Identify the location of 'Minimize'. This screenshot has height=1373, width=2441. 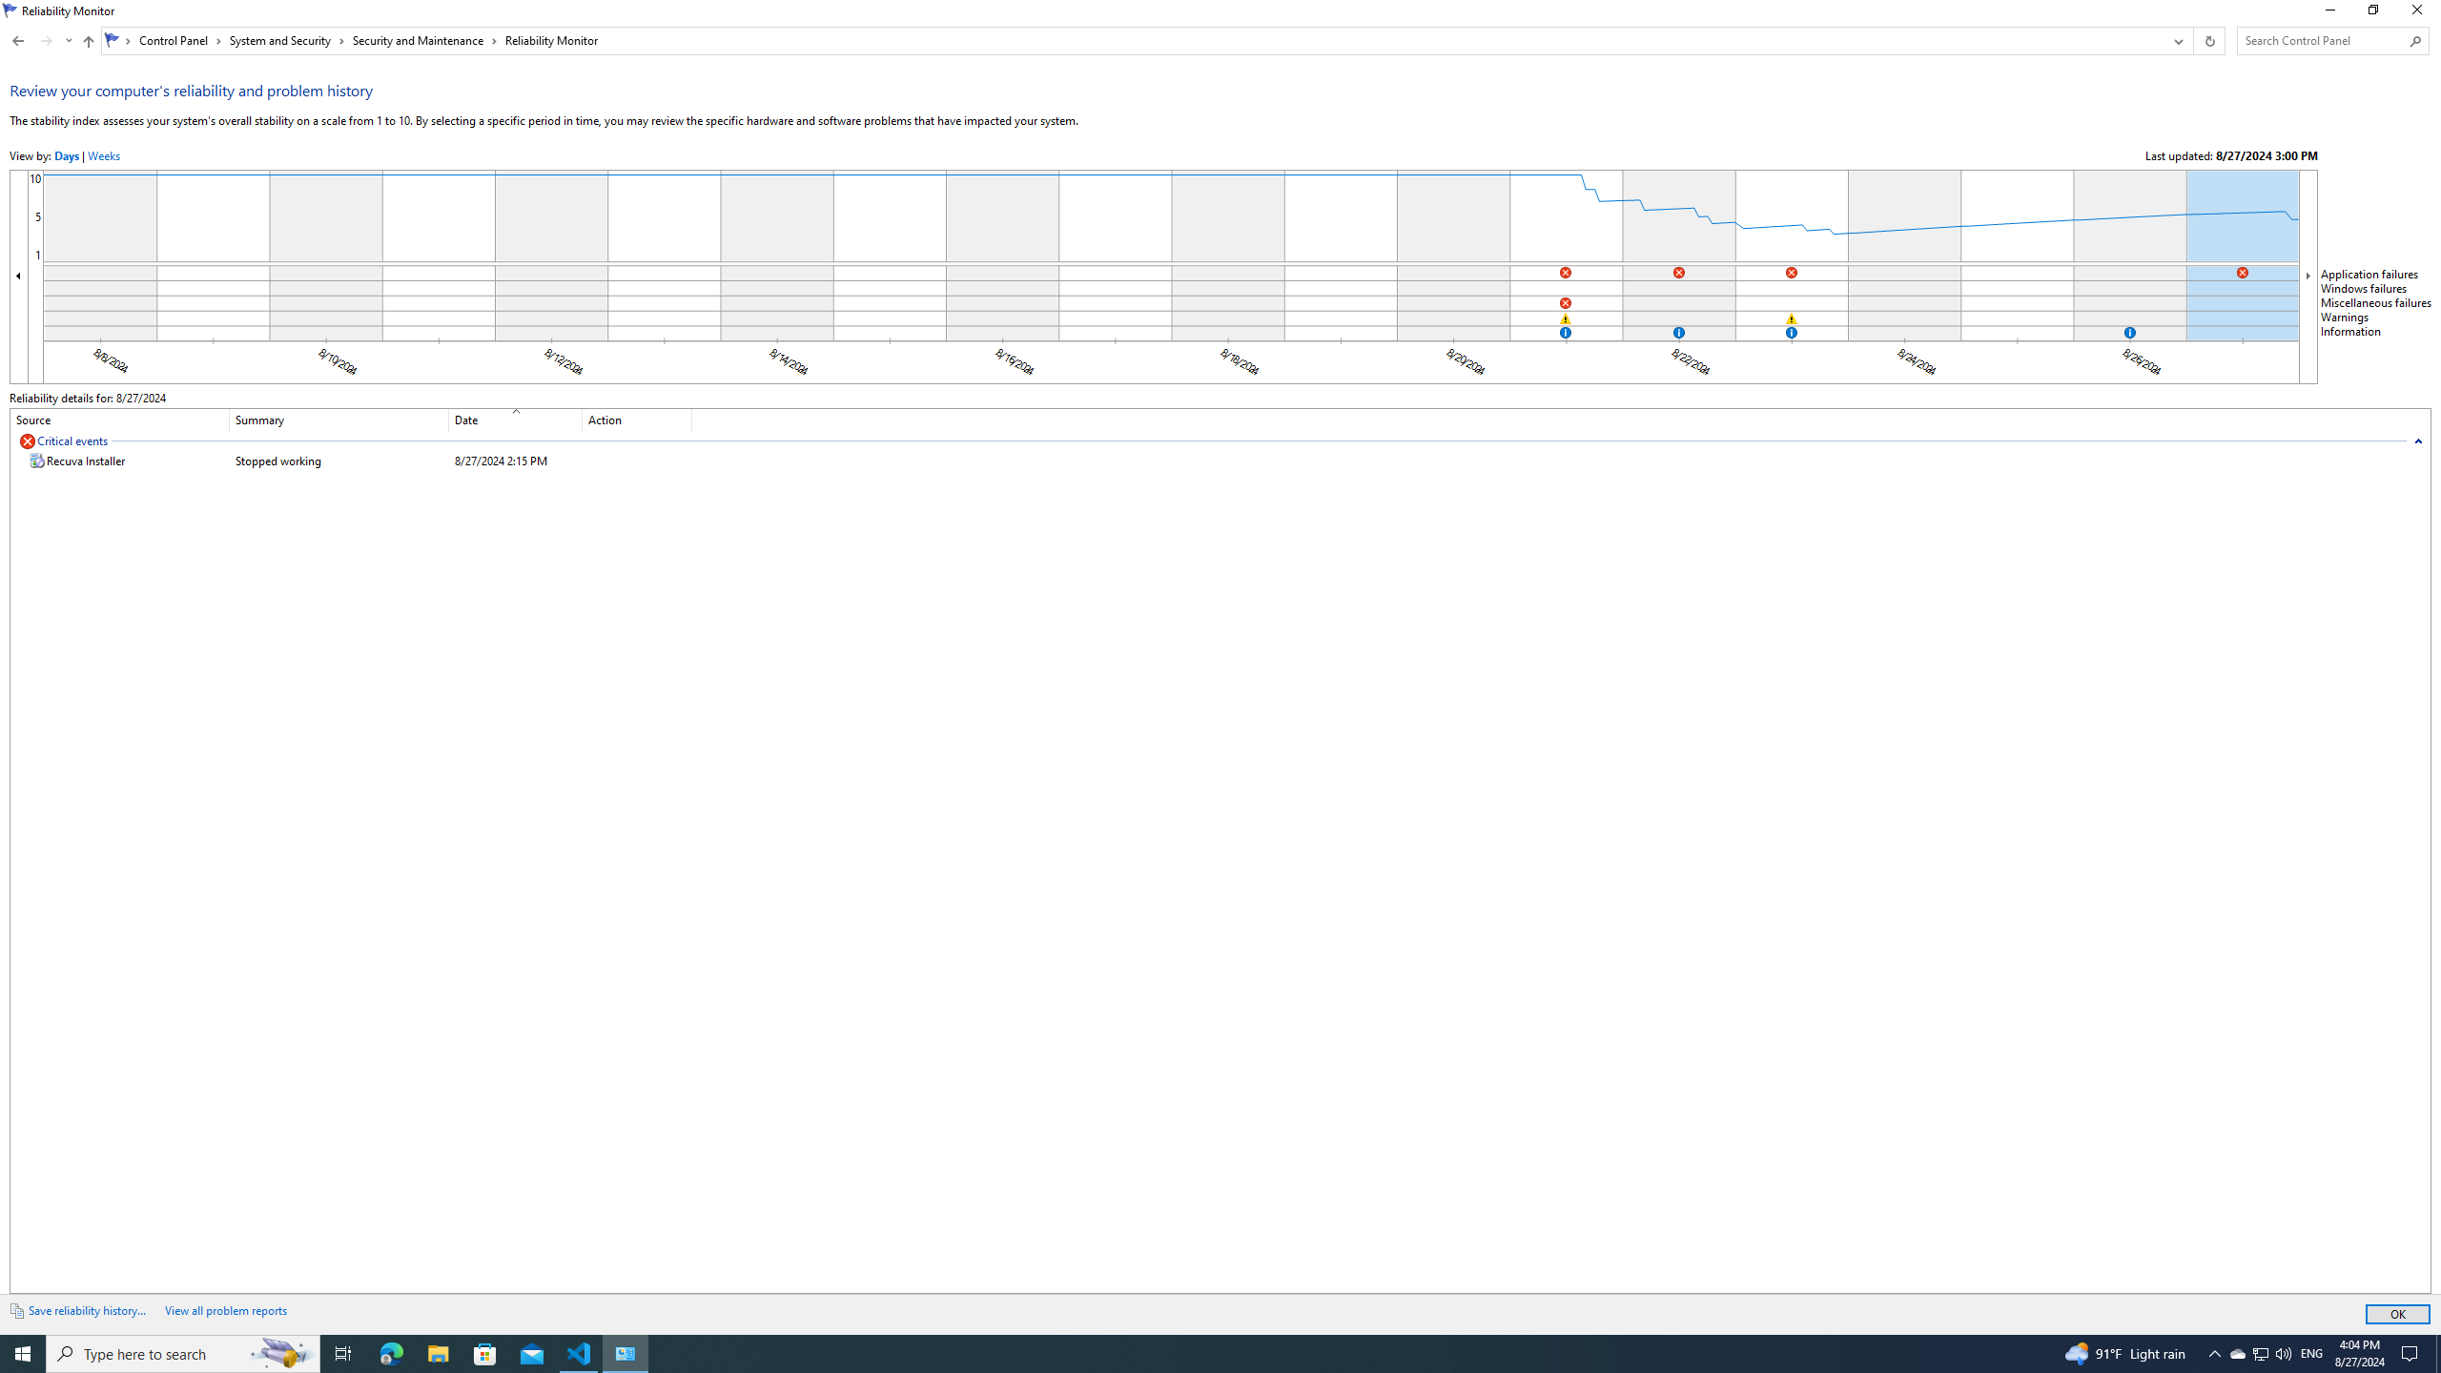
(2328, 14).